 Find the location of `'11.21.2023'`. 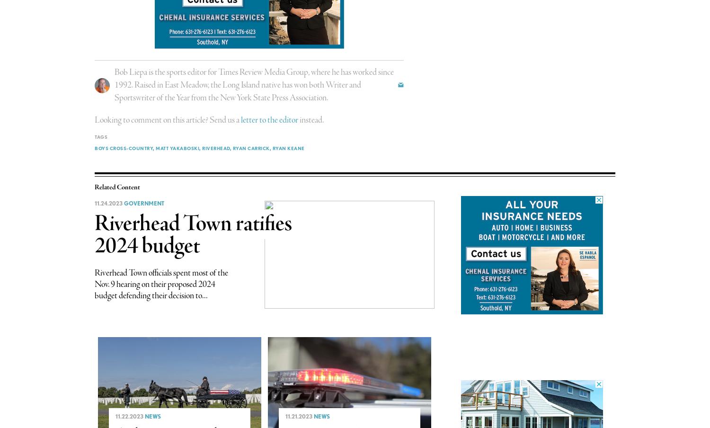

'11.21.2023' is located at coordinates (299, 416).